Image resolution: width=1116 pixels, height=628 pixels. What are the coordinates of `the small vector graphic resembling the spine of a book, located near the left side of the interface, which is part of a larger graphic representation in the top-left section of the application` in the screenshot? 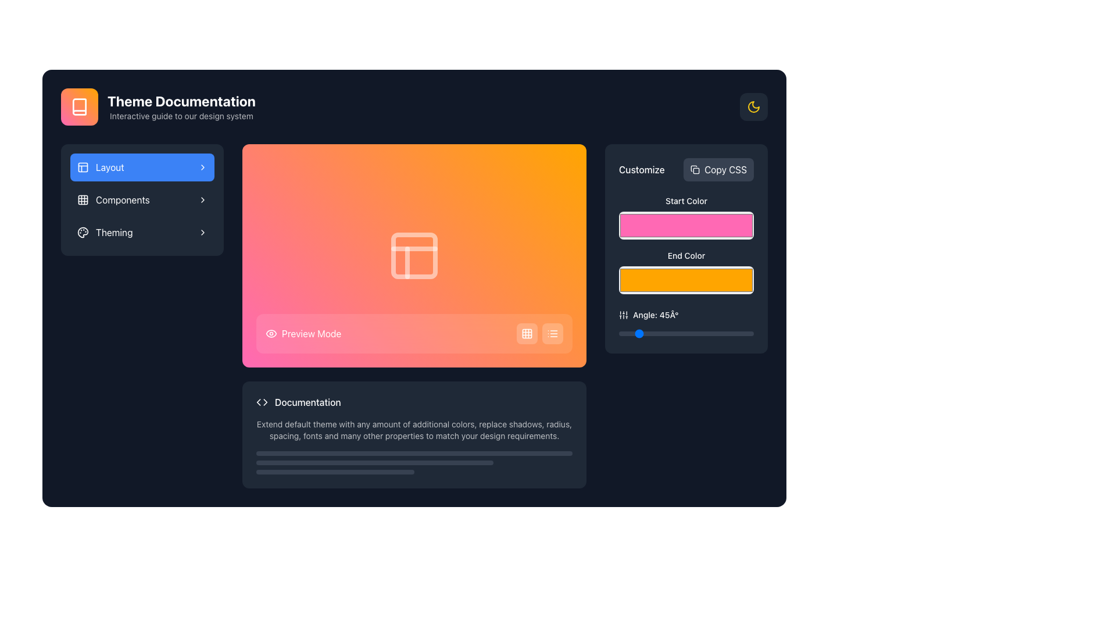 It's located at (79, 107).